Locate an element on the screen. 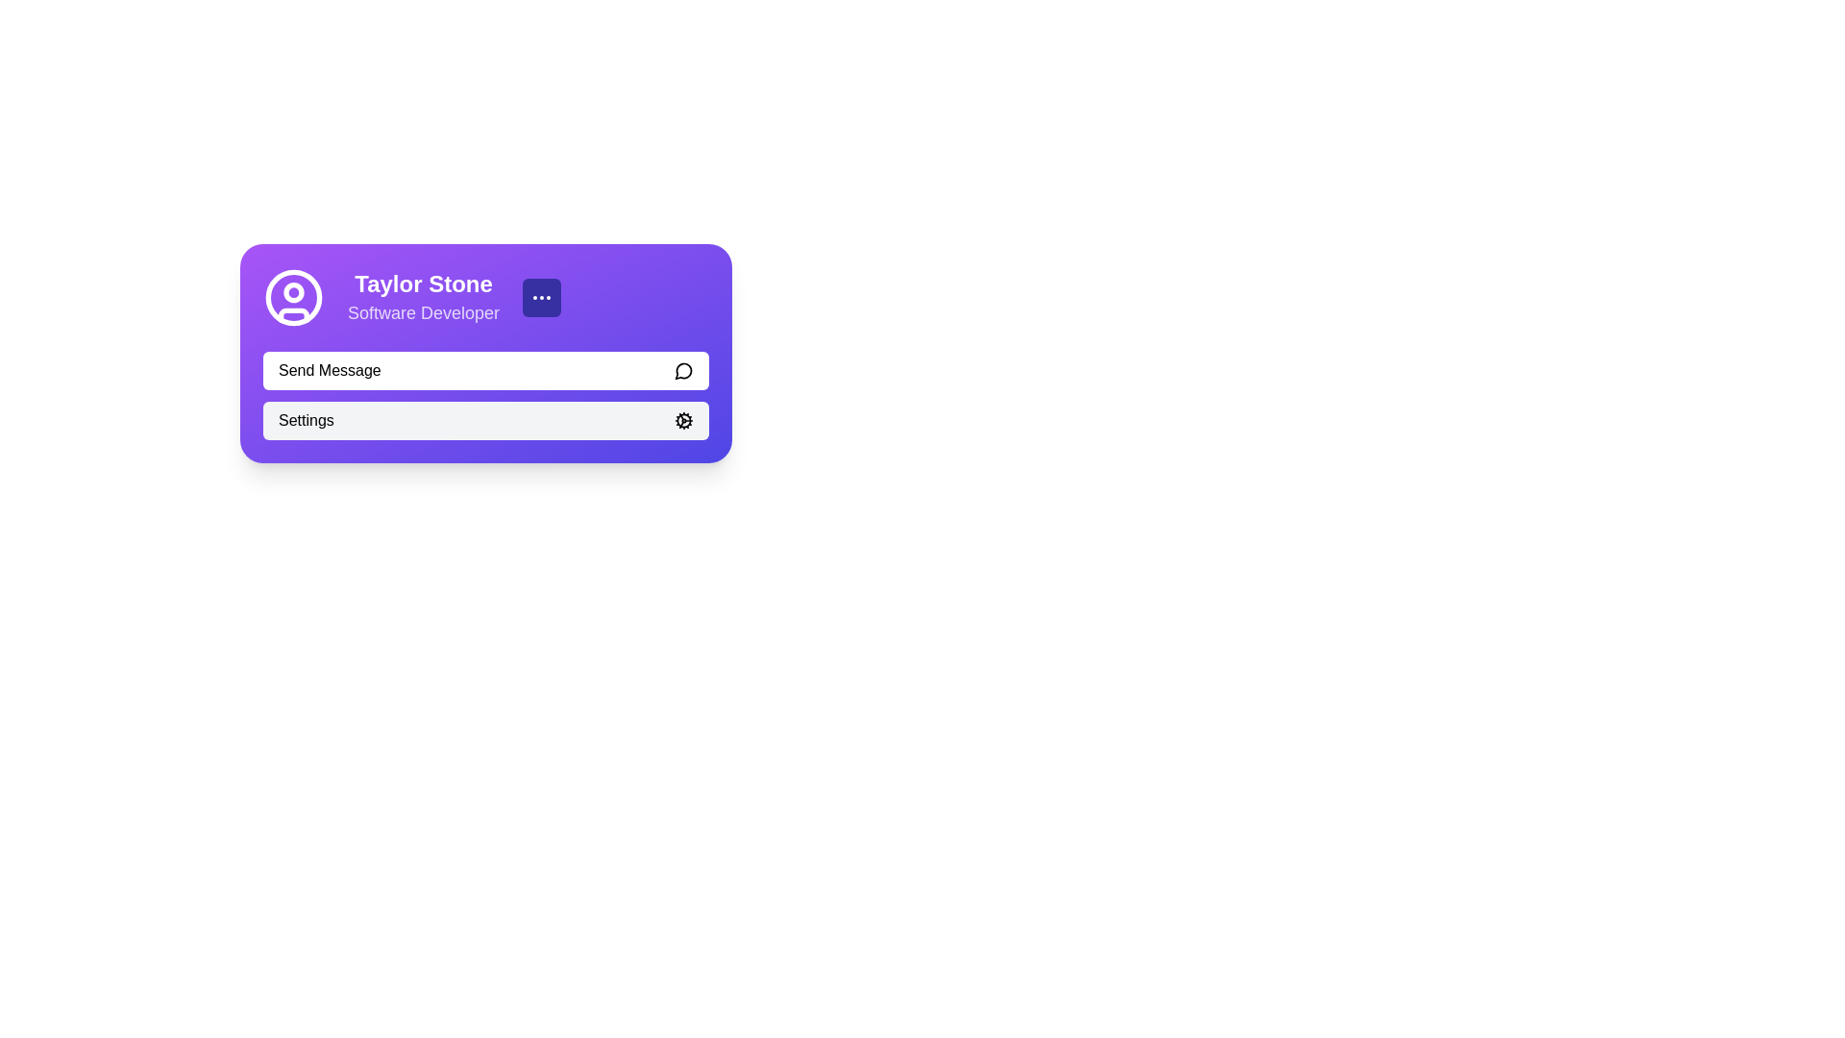 This screenshot has width=1845, height=1038. the 'Send Message' button, which displays the phrase in black font within a white rounded rectangular area on a purple user profile card, to trigger potential styling changes is located at coordinates (330, 370).